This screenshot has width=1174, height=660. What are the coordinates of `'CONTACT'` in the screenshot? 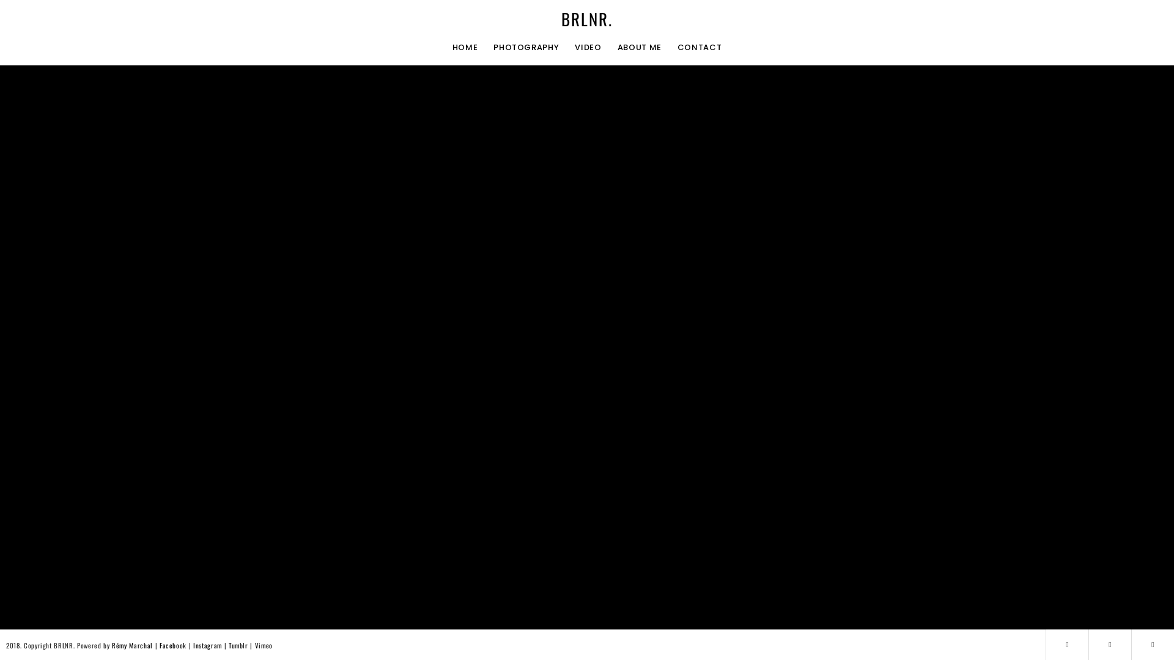 It's located at (700, 47).